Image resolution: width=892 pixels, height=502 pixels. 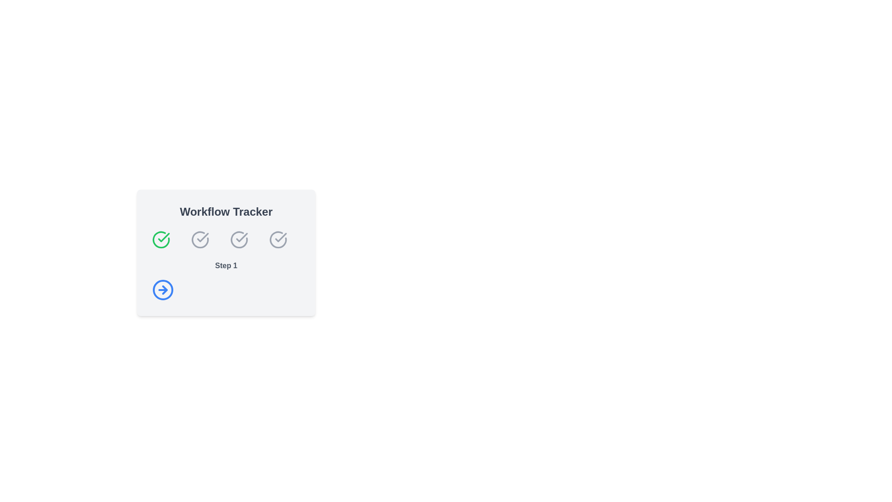 I want to click on the textual label 'Step 1', which is styled with medium-sized bold gray font, so click(x=226, y=265).